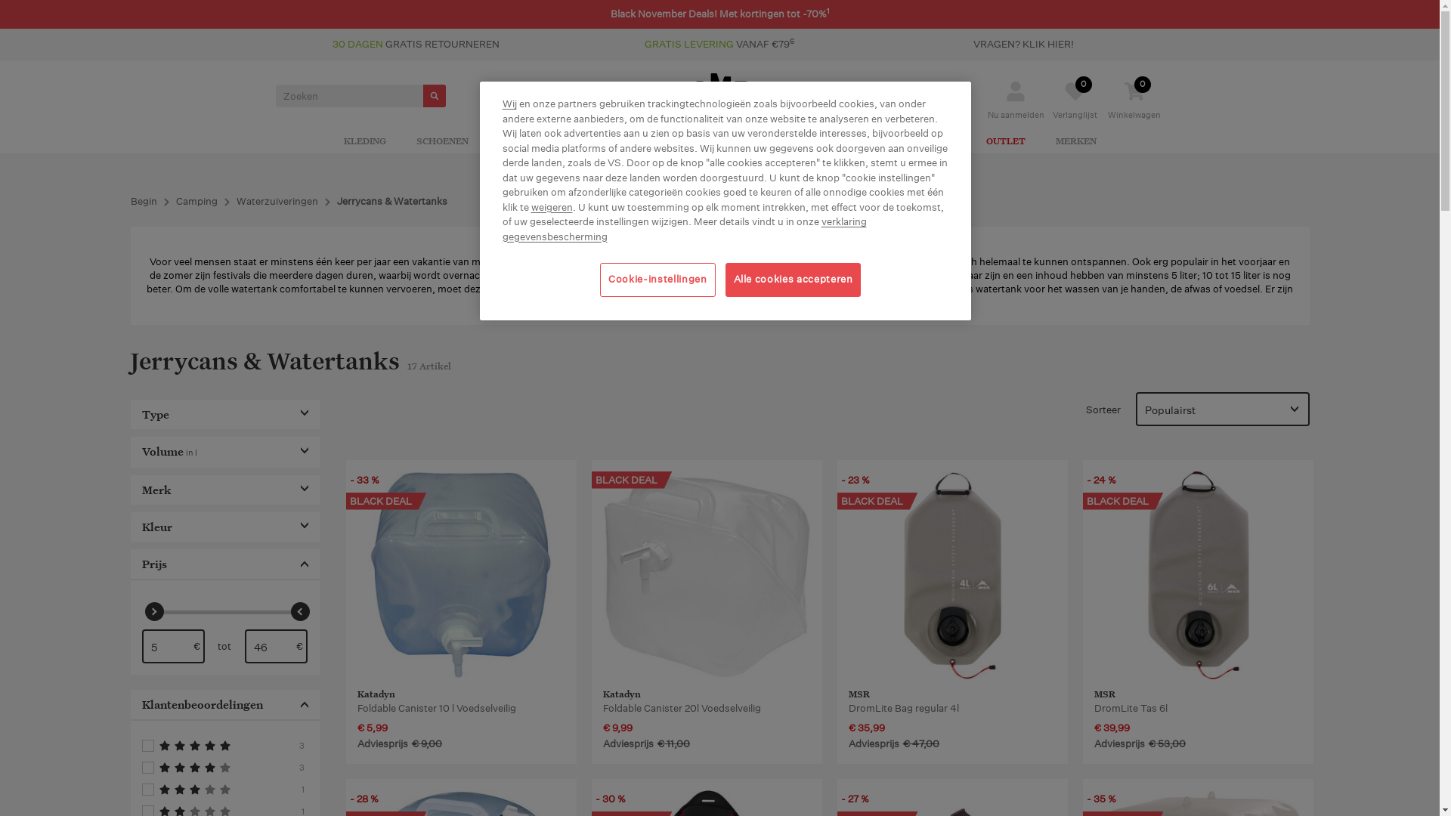 Image resolution: width=1451 pixels, height=816 pixels. Describe the element at coordinates (195, 200) in the screenshot. I see `'Camping'` at that location.